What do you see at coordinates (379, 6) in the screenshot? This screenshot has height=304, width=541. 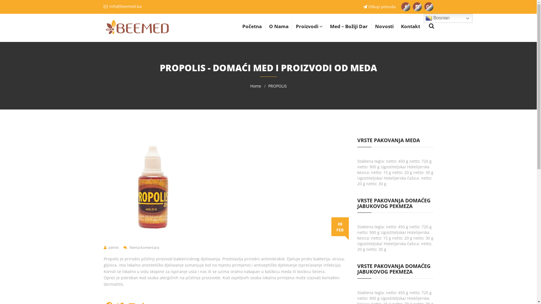 I see `'Otkup ponuda'` at bounding box center [379, 6].